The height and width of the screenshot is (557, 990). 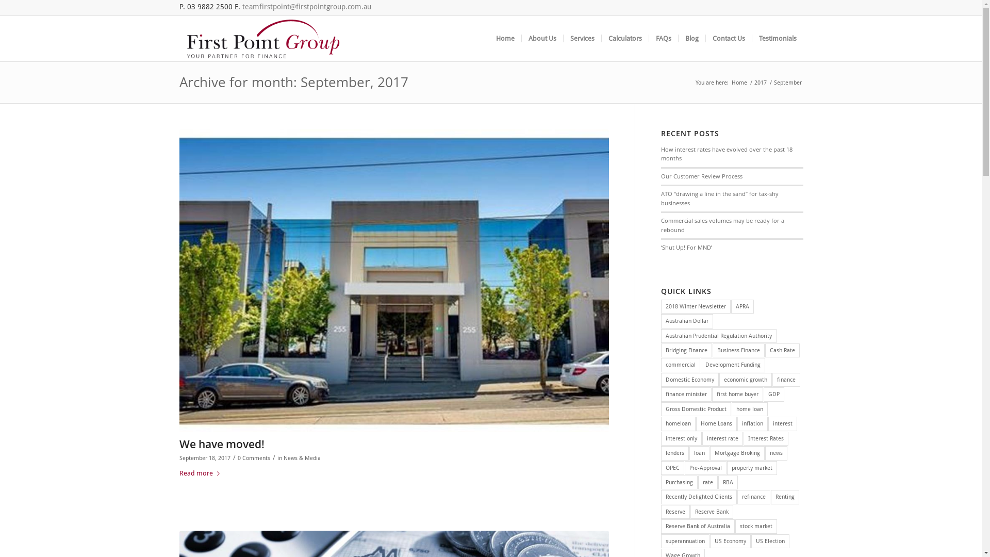 I want to click on 'loan', so click(x=699, y=452).